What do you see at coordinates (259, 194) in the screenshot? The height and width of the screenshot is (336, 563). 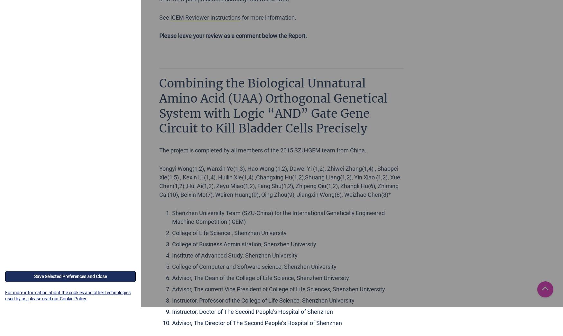 I see `','` at bounding box center [259, 194].